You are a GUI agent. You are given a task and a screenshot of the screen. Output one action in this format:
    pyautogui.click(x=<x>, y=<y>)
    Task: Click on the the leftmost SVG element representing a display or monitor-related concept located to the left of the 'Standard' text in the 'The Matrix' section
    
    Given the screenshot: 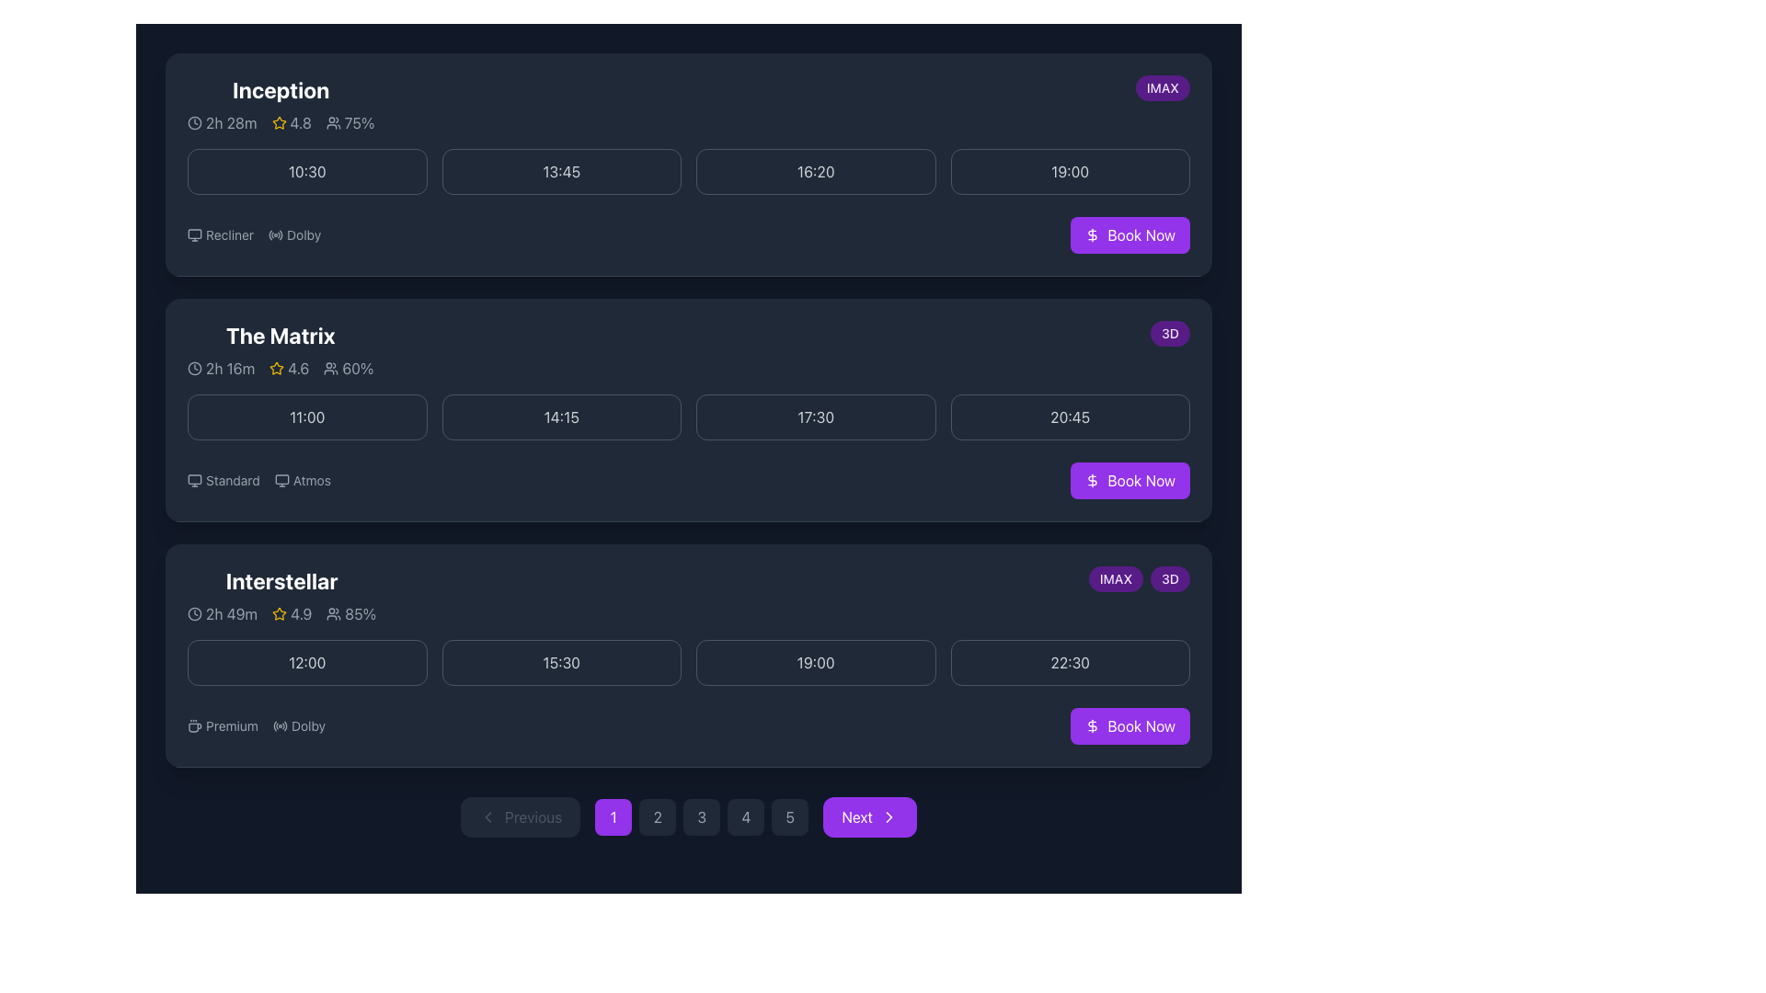 What is the action you would take?
    pyautogui.click(x=194, y=480)
    